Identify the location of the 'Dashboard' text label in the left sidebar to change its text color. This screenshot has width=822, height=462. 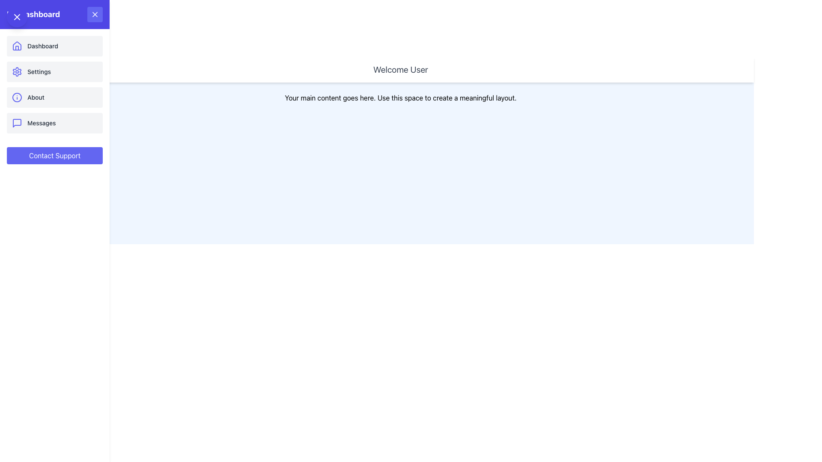
(42, 46).